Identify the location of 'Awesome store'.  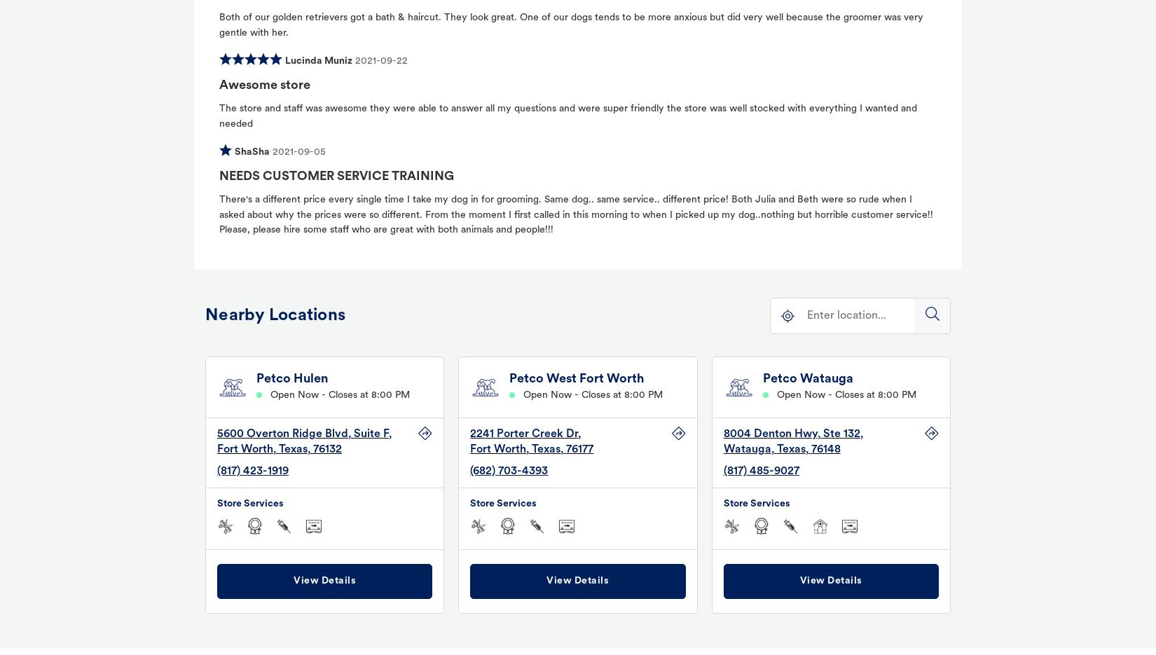
(265, 84).